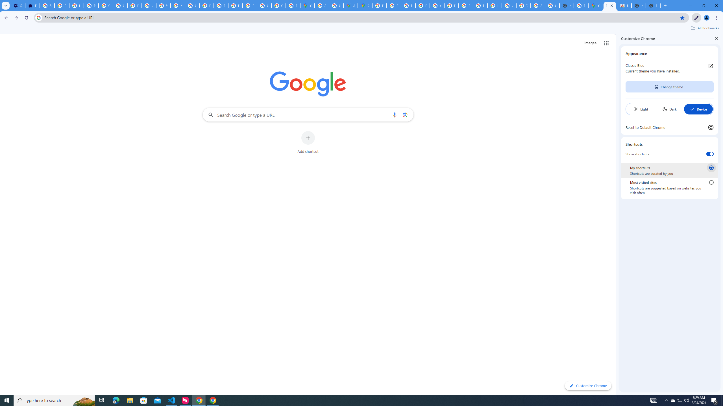 This screenshot has height=406, width=723. I want to click on 'AutomationID: baseSvg', so click(692, 109).